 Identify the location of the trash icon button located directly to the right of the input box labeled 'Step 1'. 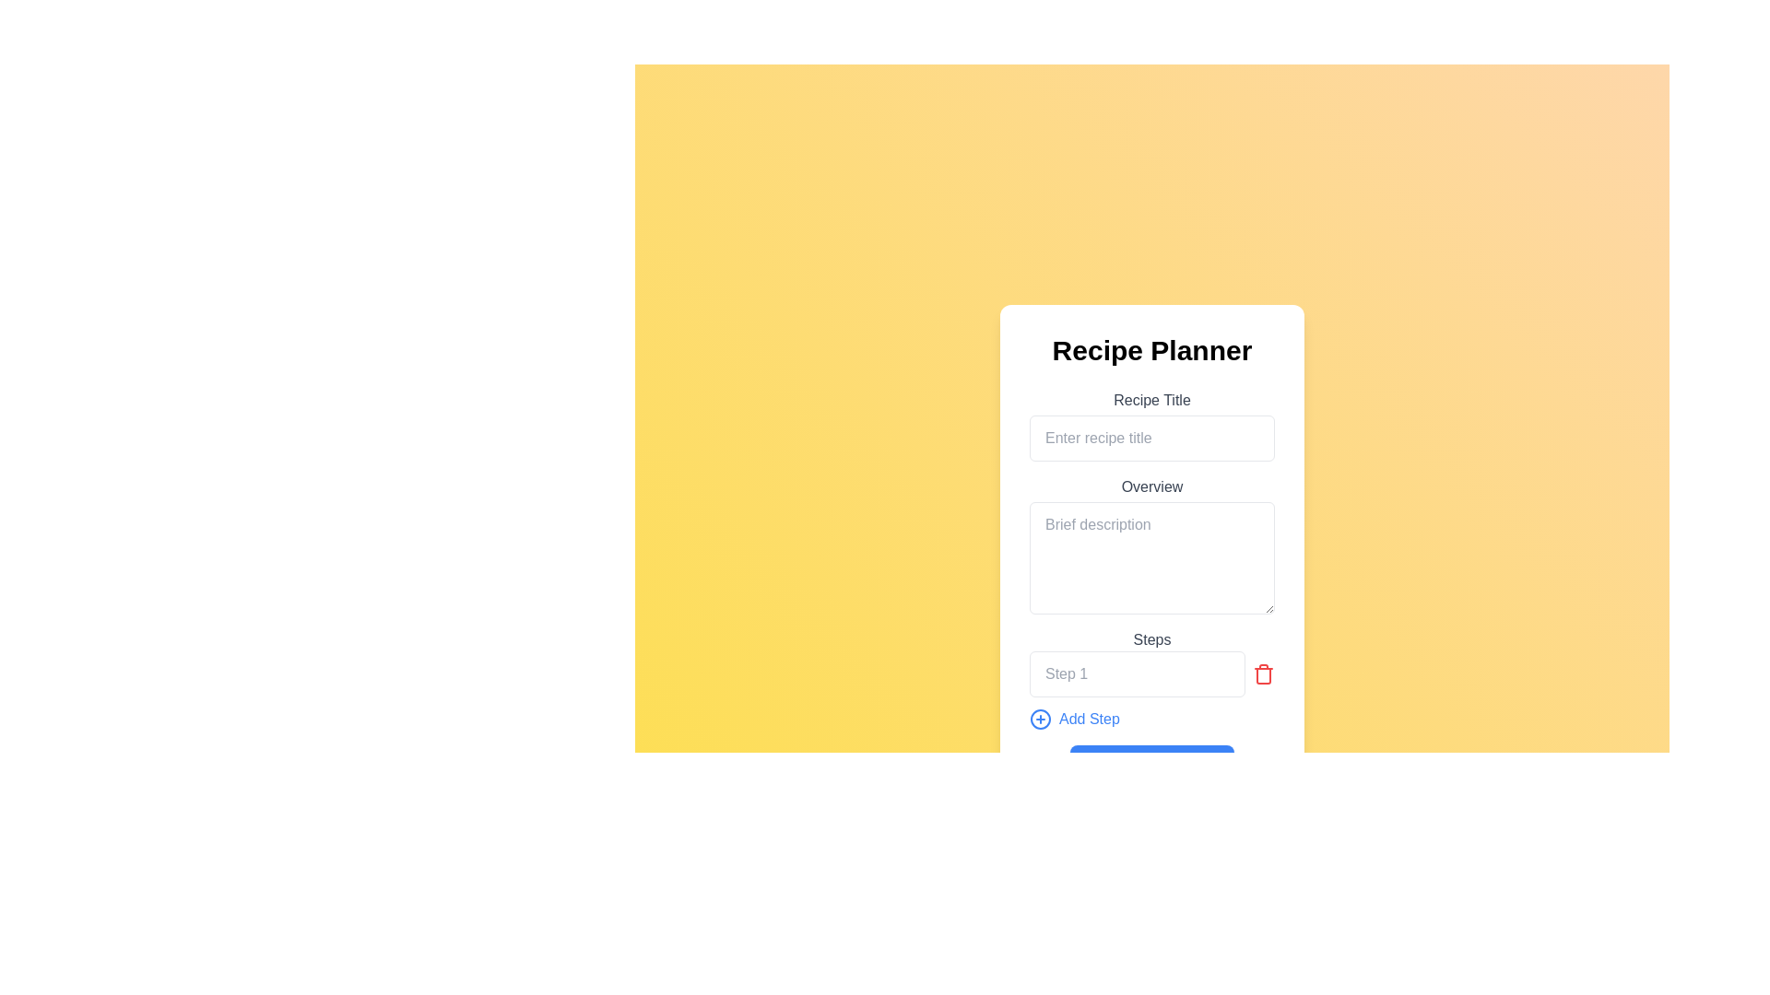
(1263, 673).